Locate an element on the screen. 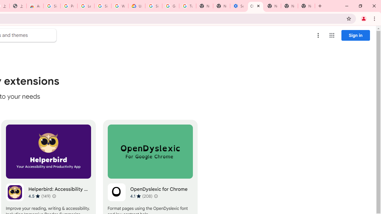  'Settings - Accessibility' is located at coordinates (238, 6).